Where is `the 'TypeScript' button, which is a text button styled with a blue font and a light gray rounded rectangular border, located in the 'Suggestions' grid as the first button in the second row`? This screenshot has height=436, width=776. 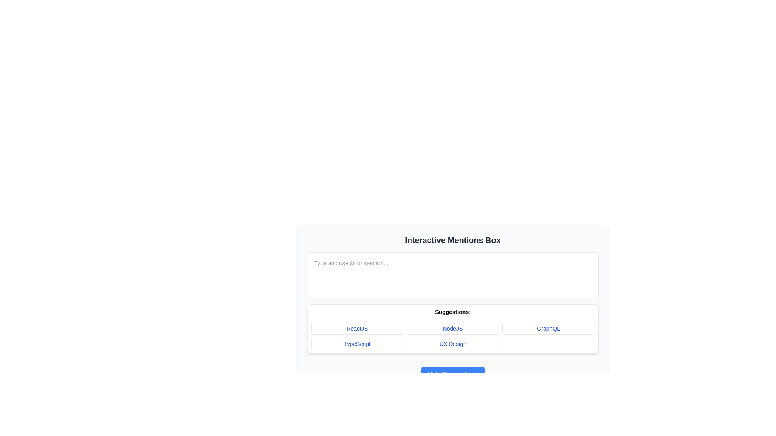 the 'TypeScript' button, which is a text button styled with a blue font and a light gray rounded rectangular border, located in the 'Suggestions' grid as the first button in the second row is located at coordinates (356, 344).